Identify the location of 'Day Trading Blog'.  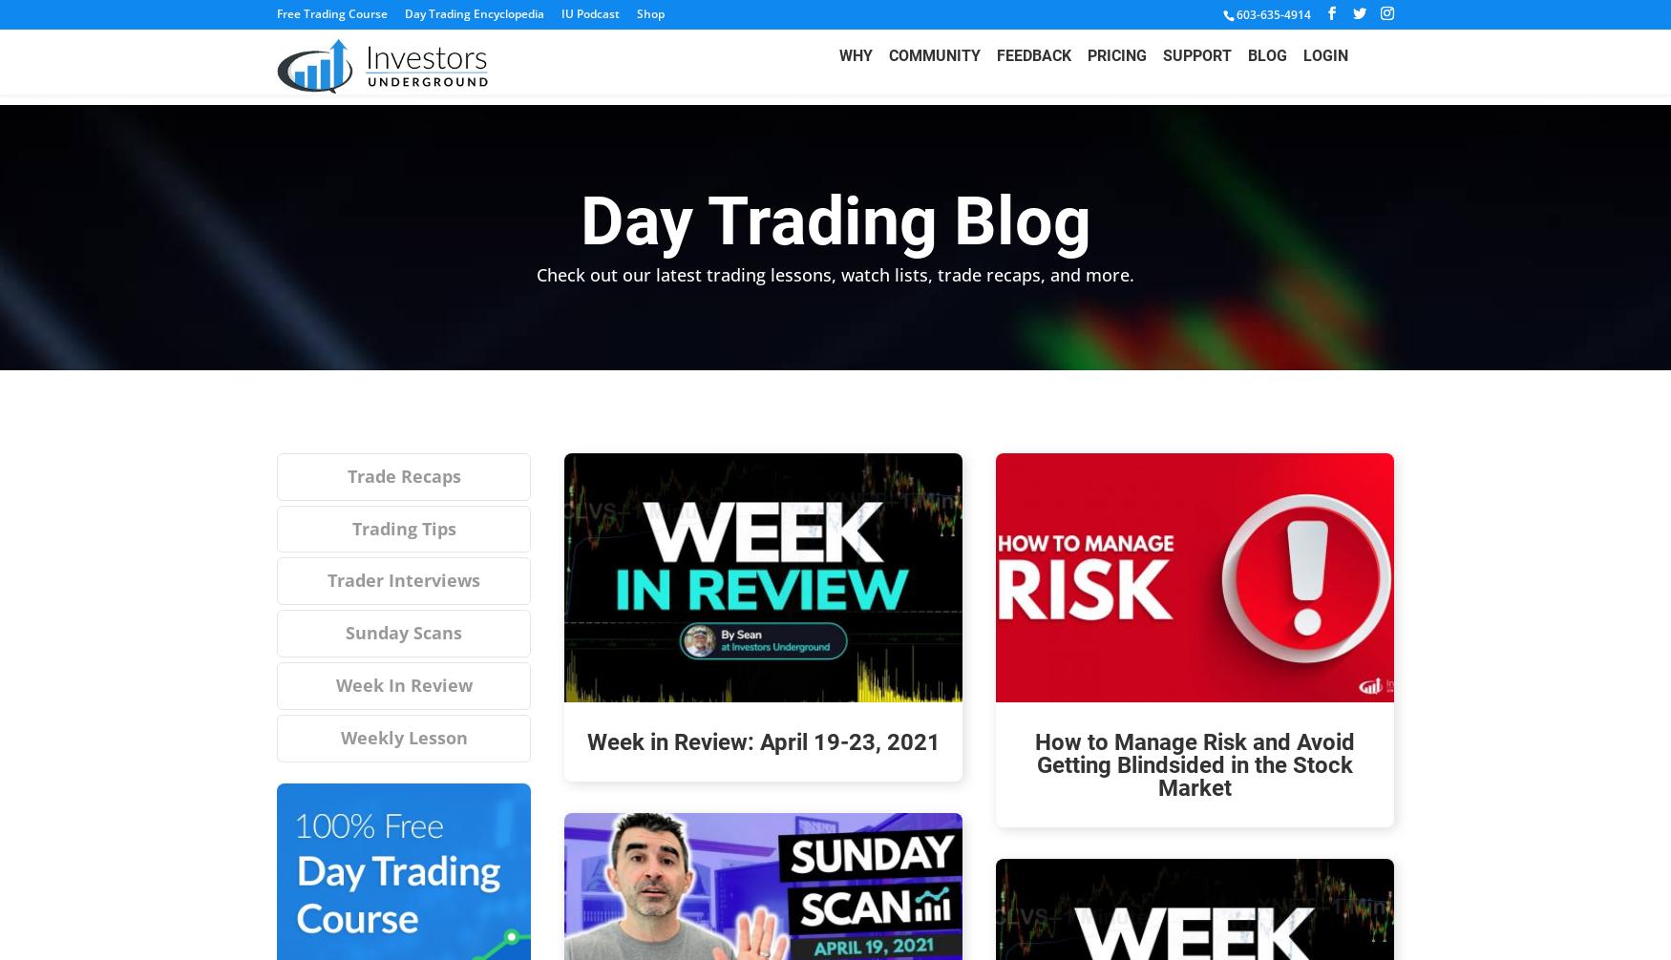
(835, 220).